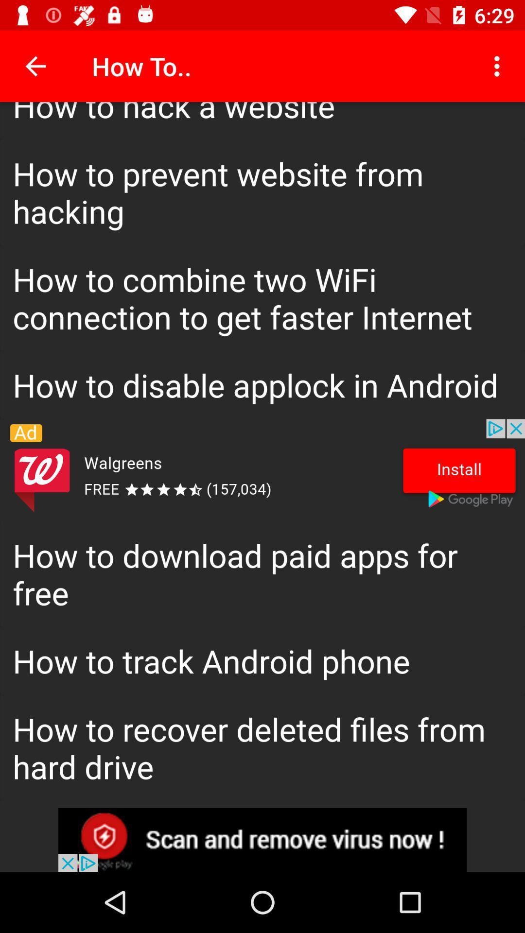  I want to click on scan and remove virus the article, so click(262, 839).